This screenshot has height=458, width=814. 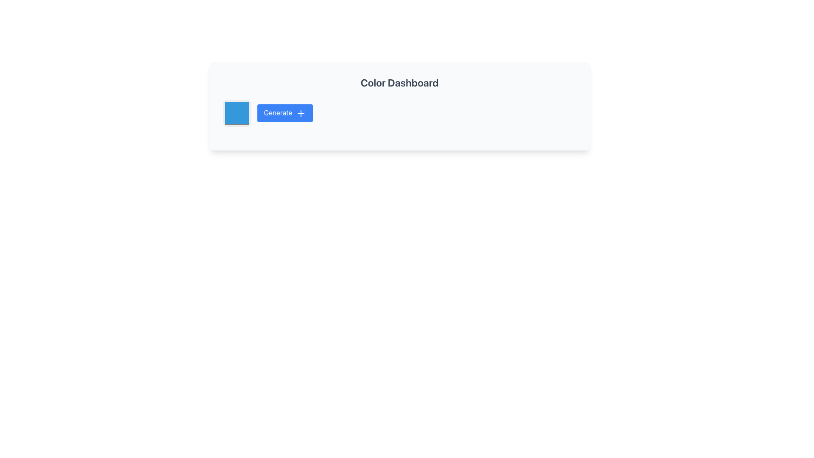 What do you see at coordinates (237, 112) in the screenshot?
I see `the blue square color picker with a rounded border` at bounding box center [237, 112].